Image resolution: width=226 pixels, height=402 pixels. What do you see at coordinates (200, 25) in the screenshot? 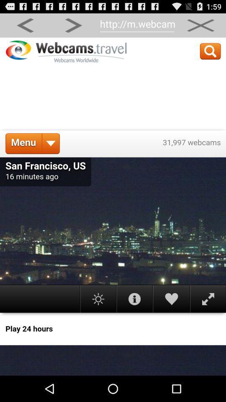
I see `close` at bounding box center [200, 25].